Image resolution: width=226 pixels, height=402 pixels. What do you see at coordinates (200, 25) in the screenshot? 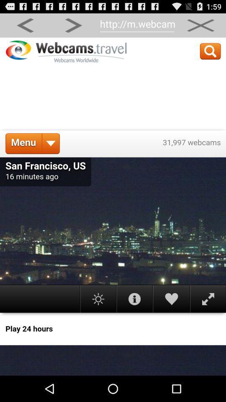
I see `close` at bounding box center [200, 25].